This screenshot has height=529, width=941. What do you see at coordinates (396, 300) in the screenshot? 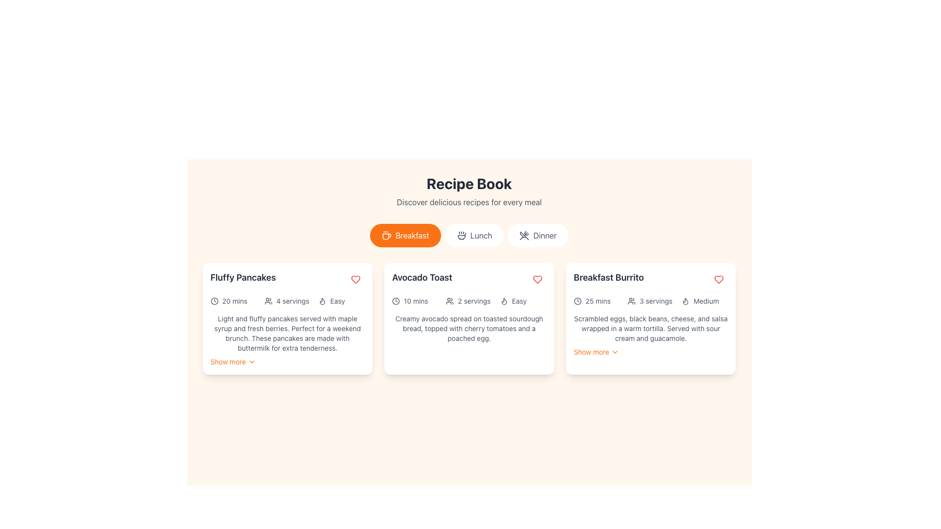
I see `small clock icon with a circular outline located in the top-left section of the 'Avocado Toast' card, positioned before the text '10 mins'` at bounding box center [396, 300].